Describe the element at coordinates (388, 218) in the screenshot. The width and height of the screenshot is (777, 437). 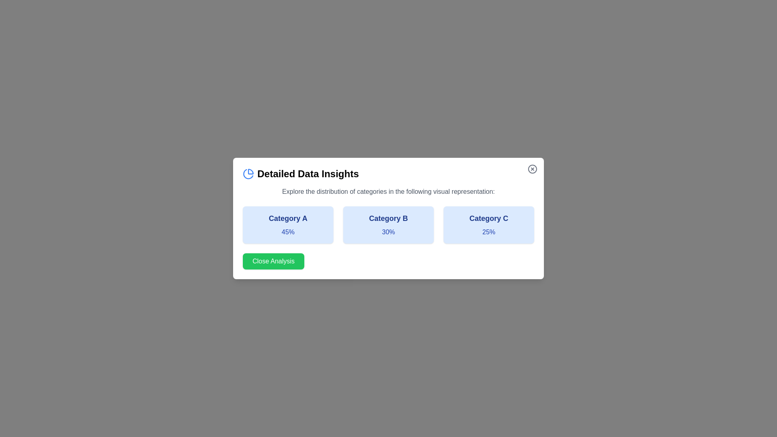
I see `text label at the top of the card labeled 'Category B', which is positioned in the middle of a three-card layout, above the text '30%'` at that location.